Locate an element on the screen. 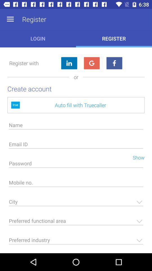  mobile number field is located at coordinates (76, 184).